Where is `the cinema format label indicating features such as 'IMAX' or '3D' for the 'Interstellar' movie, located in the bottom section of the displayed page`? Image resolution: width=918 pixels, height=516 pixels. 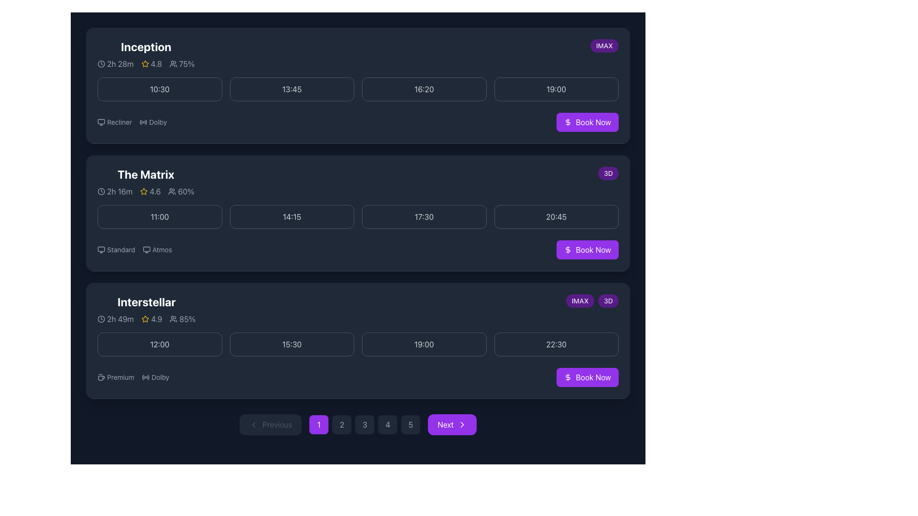 the cinema format label indicating features such as 'IMAX' or '3D' for the 'Interstellar' movie, located in the bottom section of the displayed page is located at coordinates (591, 300).